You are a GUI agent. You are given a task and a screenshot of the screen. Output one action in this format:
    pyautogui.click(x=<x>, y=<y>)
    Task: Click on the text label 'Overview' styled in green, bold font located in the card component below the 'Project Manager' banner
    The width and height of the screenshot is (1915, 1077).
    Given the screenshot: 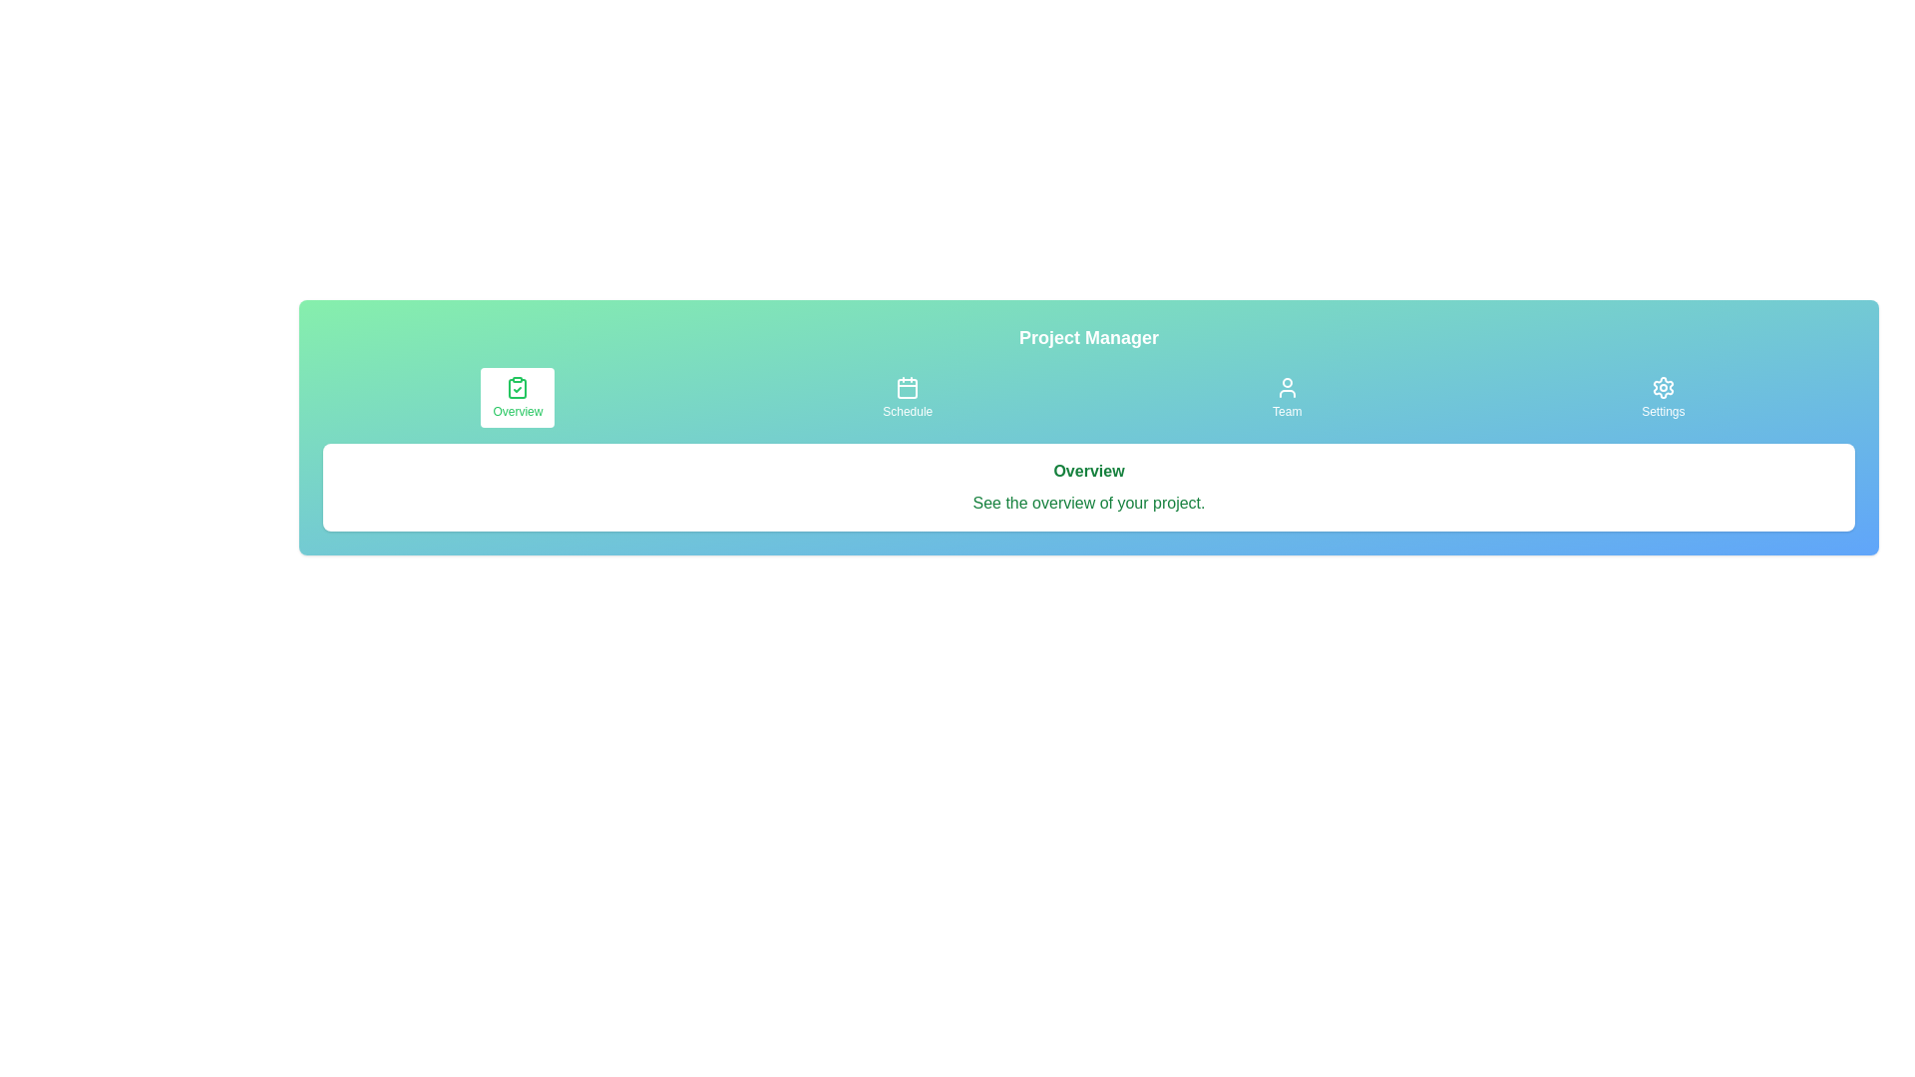 What is the action you would take?
    pyautogui.click(x=1087, y=472)
    